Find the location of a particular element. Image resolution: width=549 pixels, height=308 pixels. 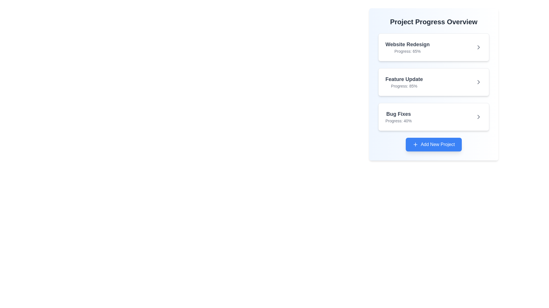

the Vector icon (right-chevron) indicating navigability for the 'Website Redesign' project, located at the right end of the first item in the list is located at coordinates (479, 47).